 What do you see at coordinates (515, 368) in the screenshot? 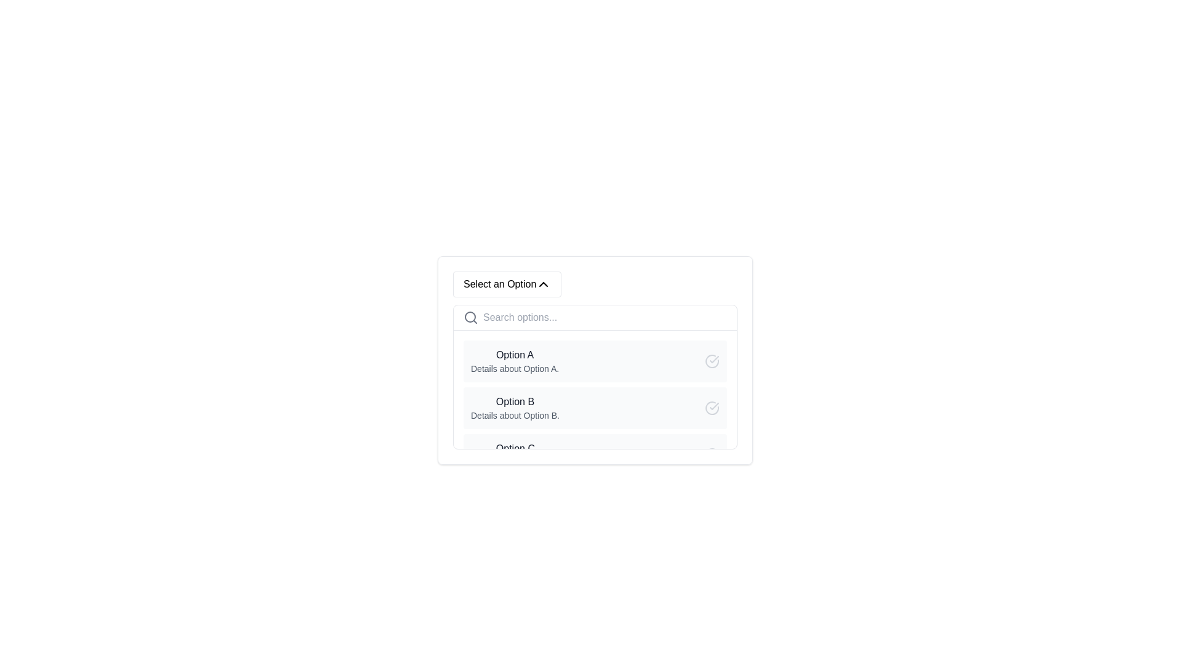
I see `the text label that reads 'Details about Option A.' located below the bold text 'Option A.' in the dropdown menu` at bounding box center [515, 368].